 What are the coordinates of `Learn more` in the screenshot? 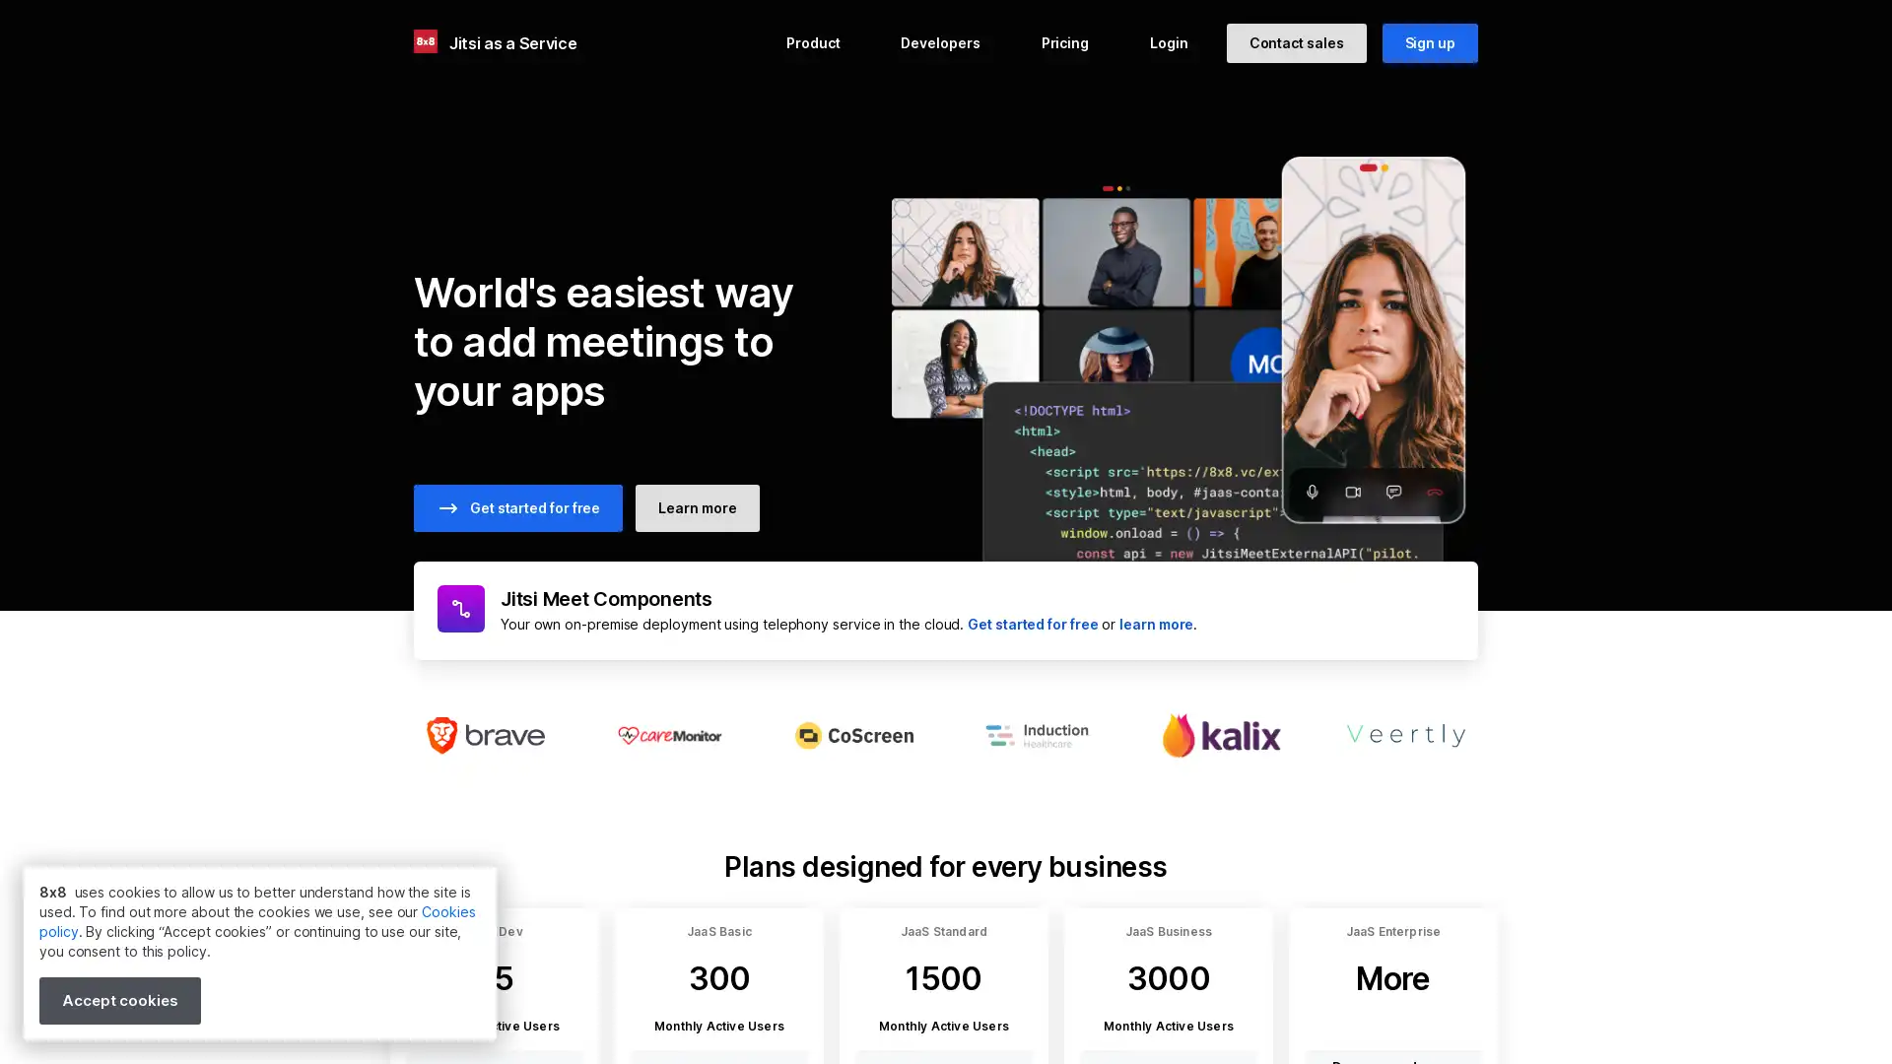 It's located at (697, 507).